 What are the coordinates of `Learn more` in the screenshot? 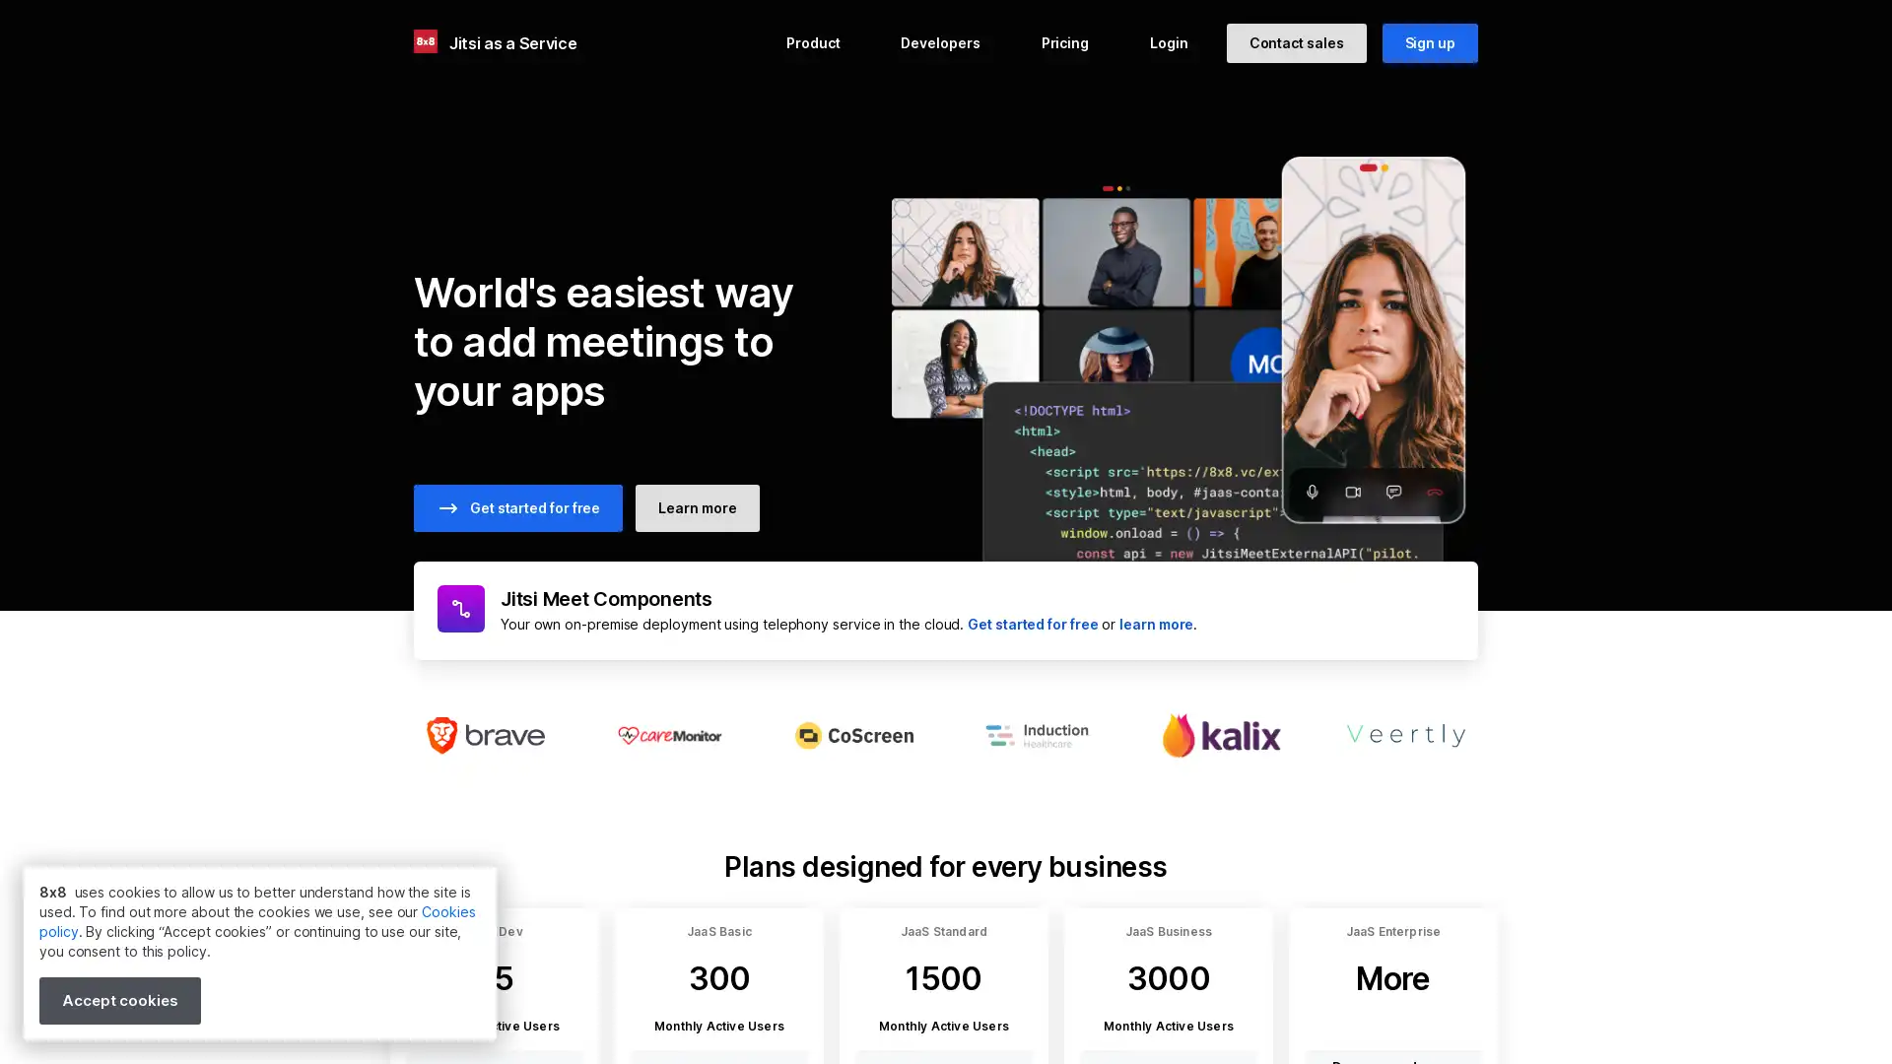 It's located at (697, 507).